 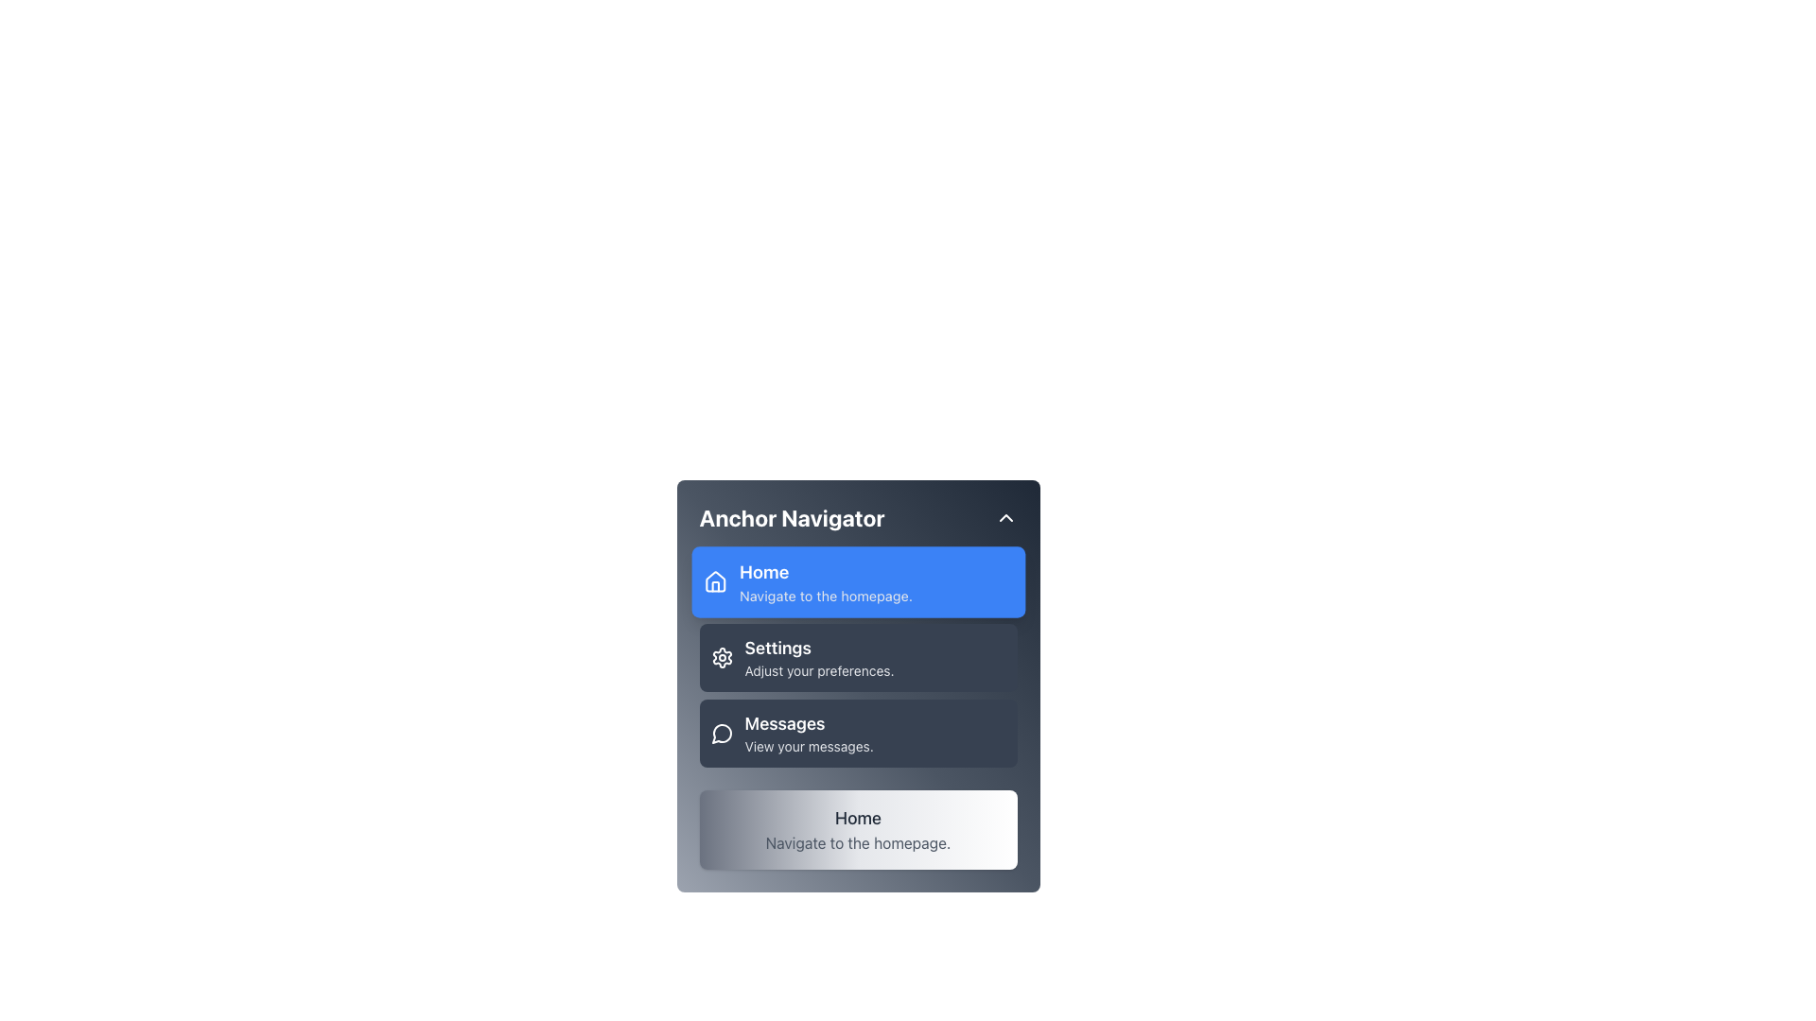 What do you see at coordinates (857, 841) in the screenshot?
I see `the descriptive text located at the bottom of the light gray card containing the title 'Home'` at bounding box center [857, 841].